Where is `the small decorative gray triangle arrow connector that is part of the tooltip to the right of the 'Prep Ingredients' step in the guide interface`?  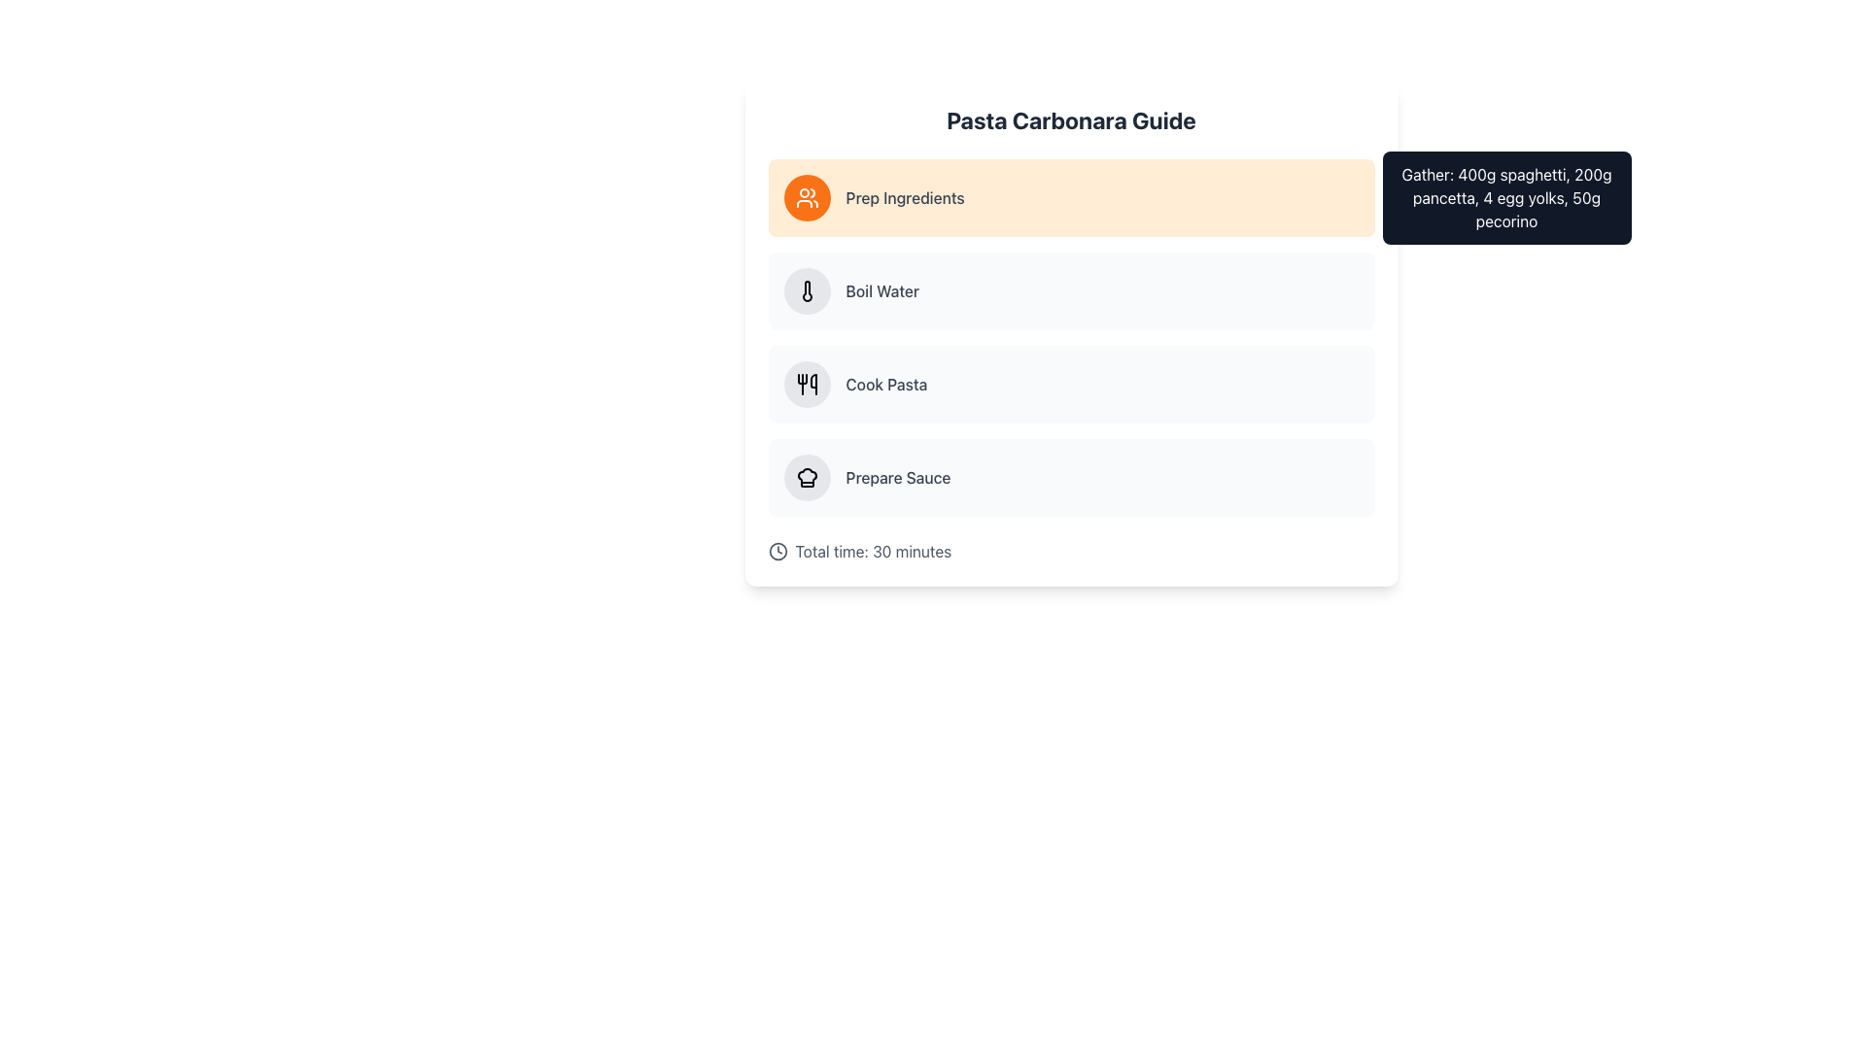
the small decorative gray triangle arrow connector that is part of the tooltip to the right of the 'Prep Ingredients' step in the guide interface is located at coordinates (1385, 198).